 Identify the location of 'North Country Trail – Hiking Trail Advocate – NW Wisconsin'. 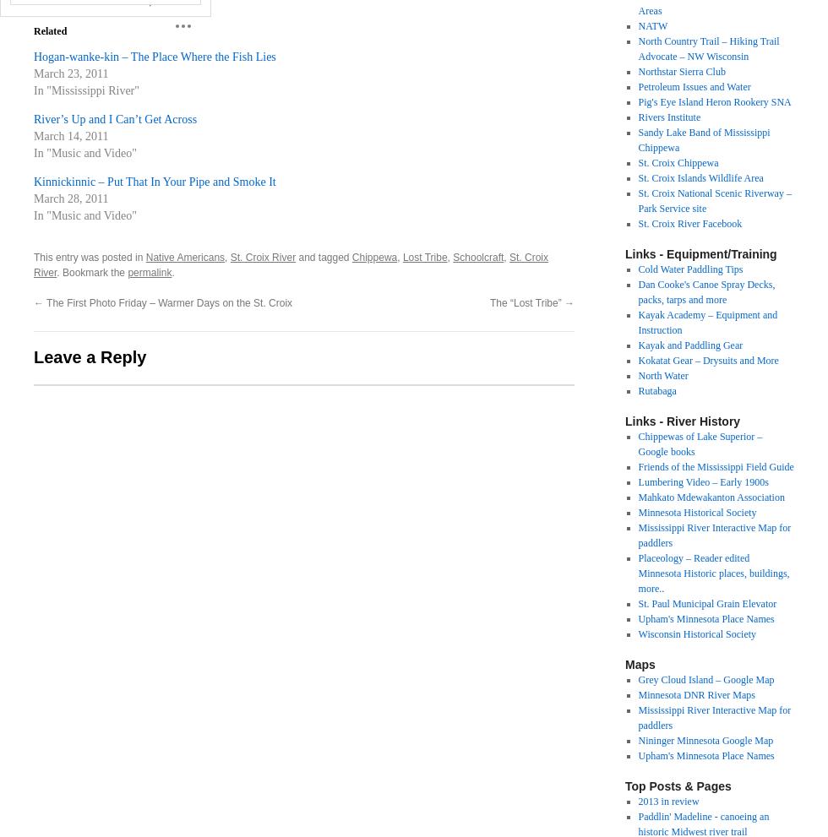
(708, 48).